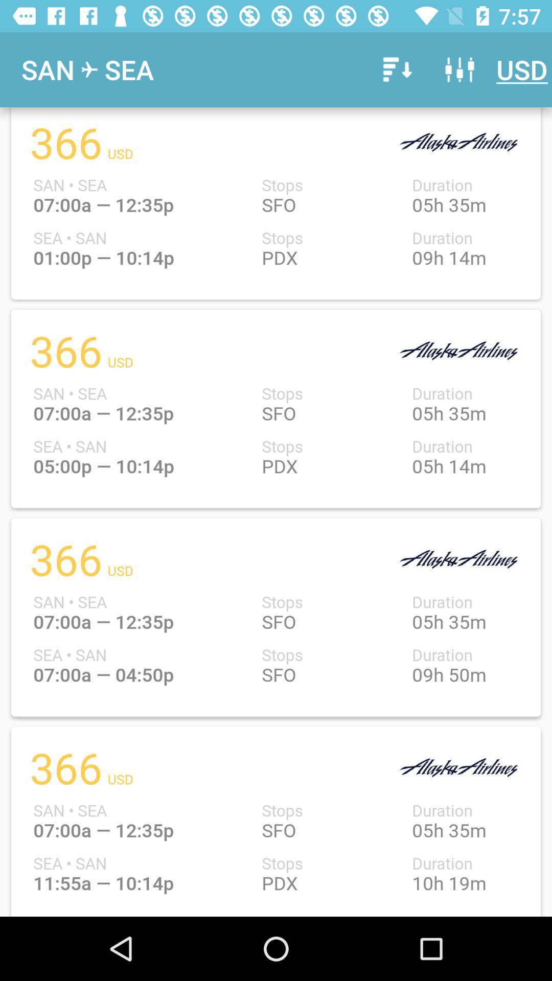 The image size is (552, 981). I want to click on the item to the left of usd icon, so click(459, 69).